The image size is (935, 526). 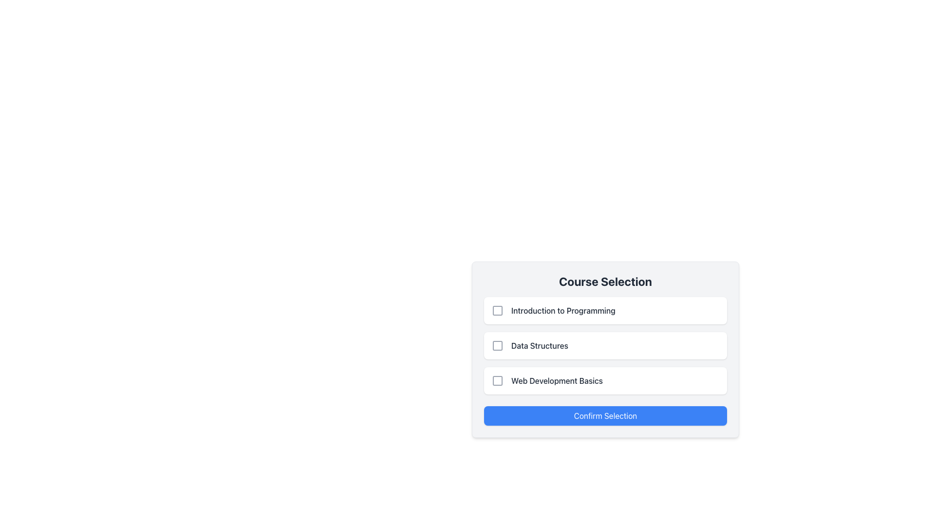 What do you see at coordinates (605, 345) in the screenshot?
I see `the checkbox in the vertical list of selectable items to unselect an option` at bounding box center [605, 345].